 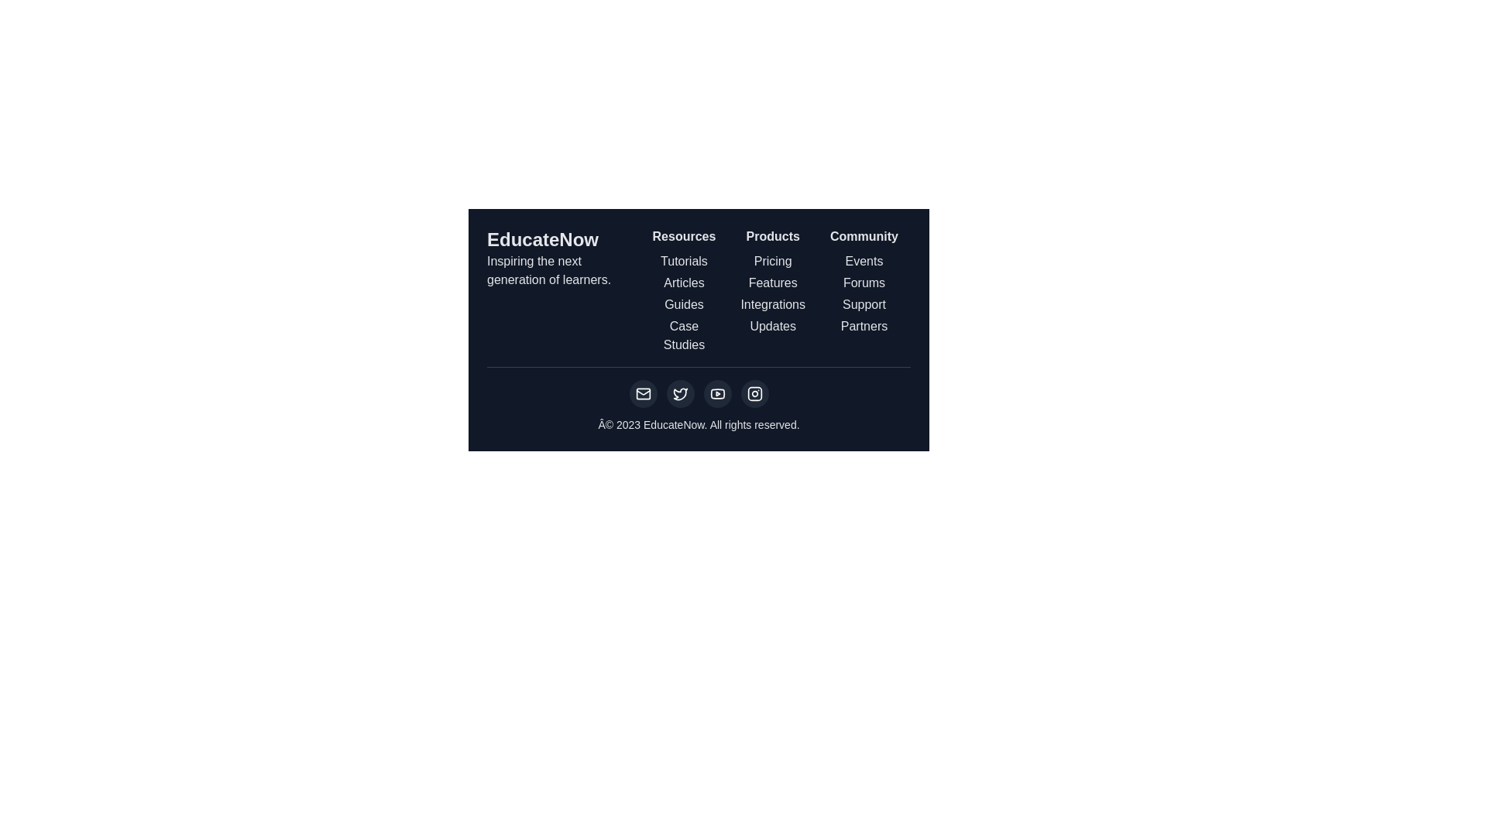 I want to click on the social media icons located in the footer section, which contains multiple circular button icons for services like mail, Twitter, YouTube, and Instagram, so click(x=698, y=399).